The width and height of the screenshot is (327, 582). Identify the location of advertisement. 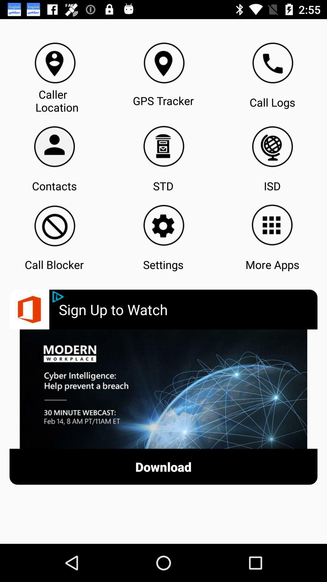
(163, 389).